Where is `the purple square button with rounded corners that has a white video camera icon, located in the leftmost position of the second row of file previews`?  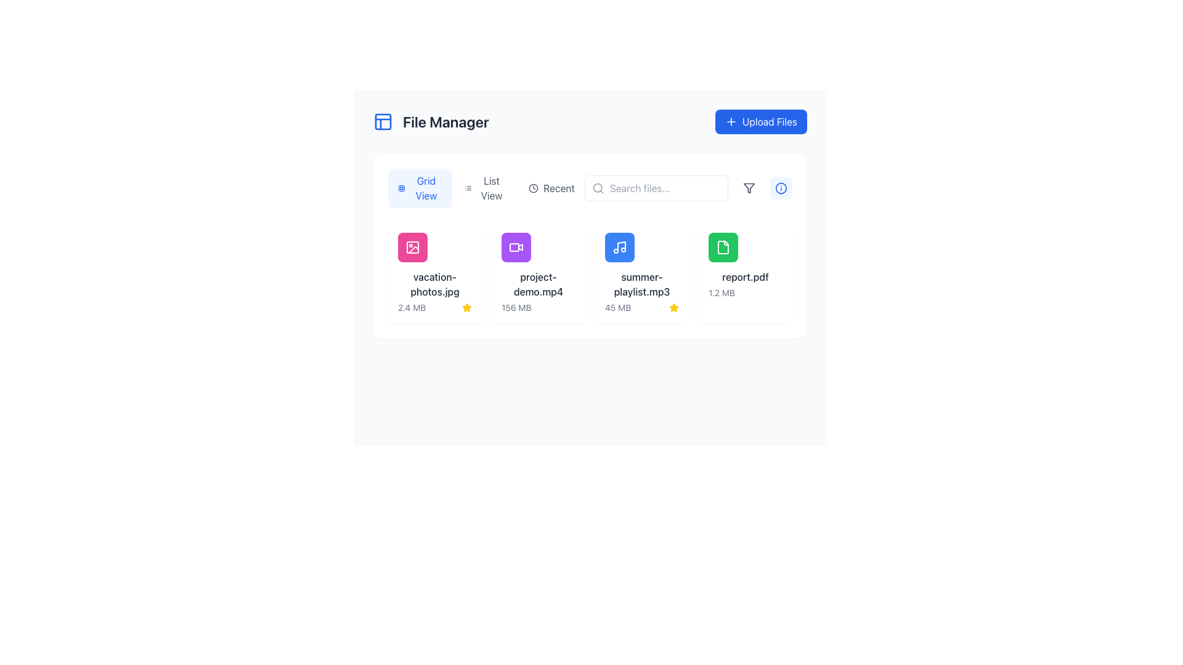 the purple square button with rounded corners that has a white video camera icon, located in the leftmost position of the second row of file previews is located at coordinates (516, 247).